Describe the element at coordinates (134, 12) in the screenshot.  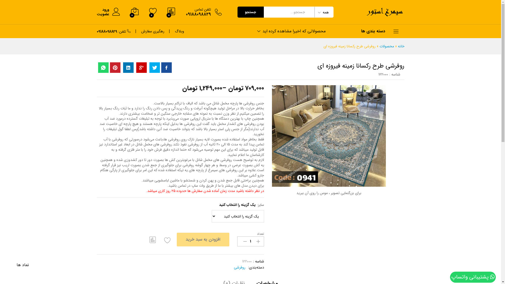
I see `'0'` at that location.